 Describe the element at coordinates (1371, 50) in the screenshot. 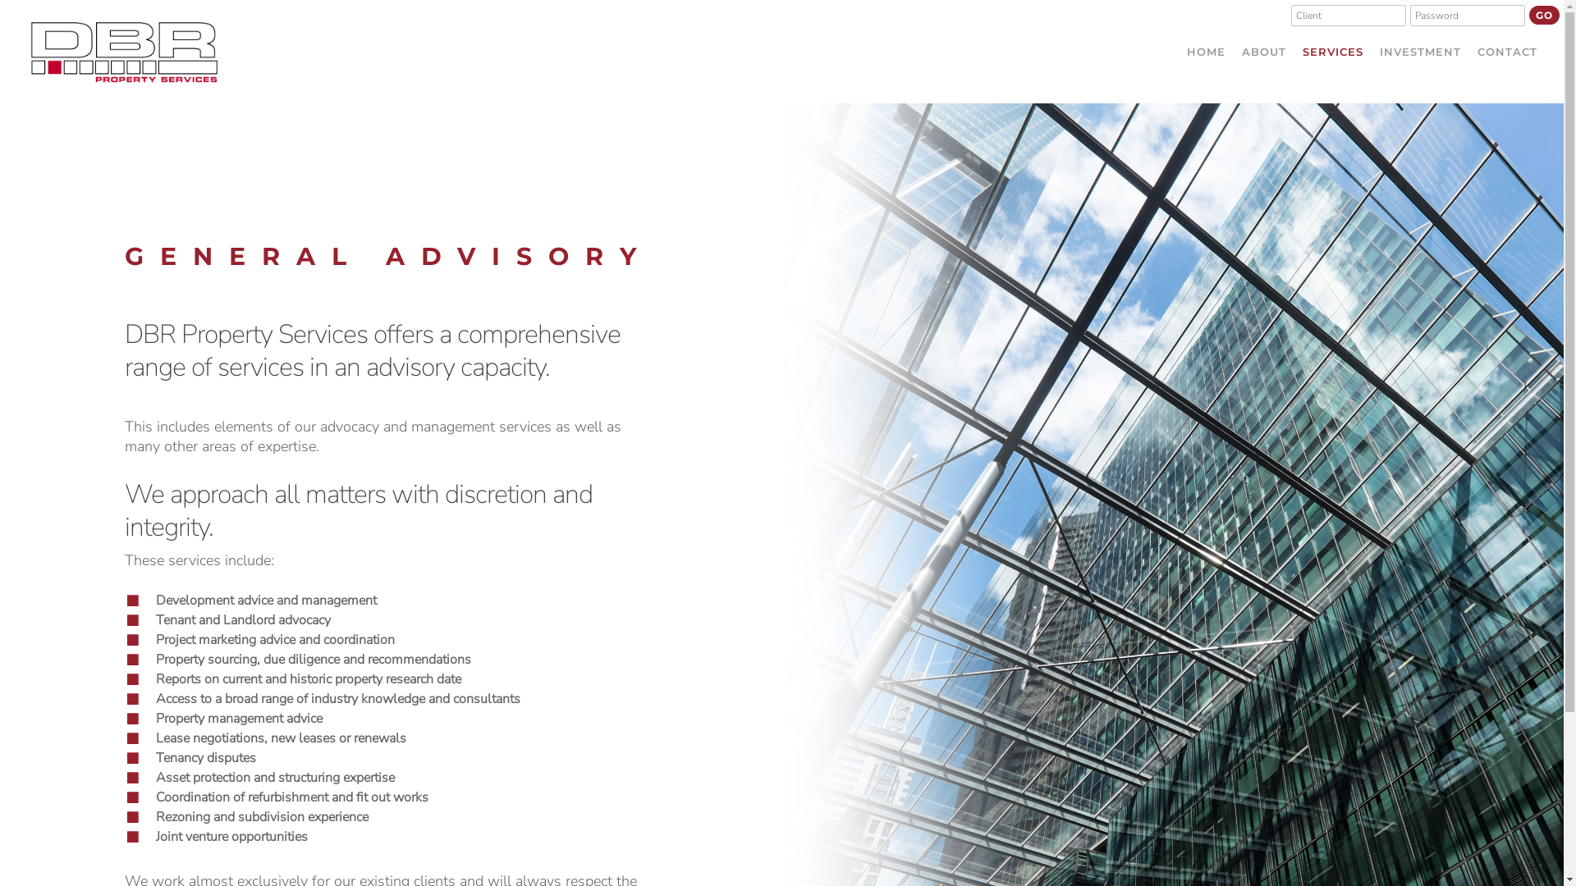

I see `'INVESTMENT'` at that location.